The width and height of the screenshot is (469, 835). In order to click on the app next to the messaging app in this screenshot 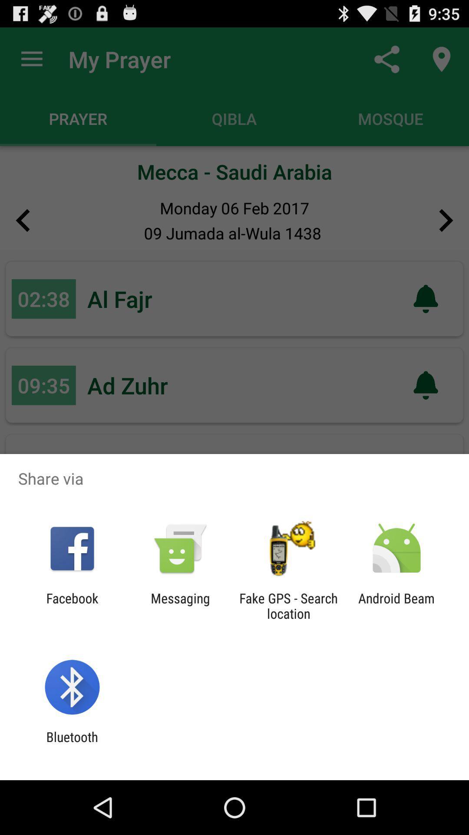, I will do `click(288, 605)`.